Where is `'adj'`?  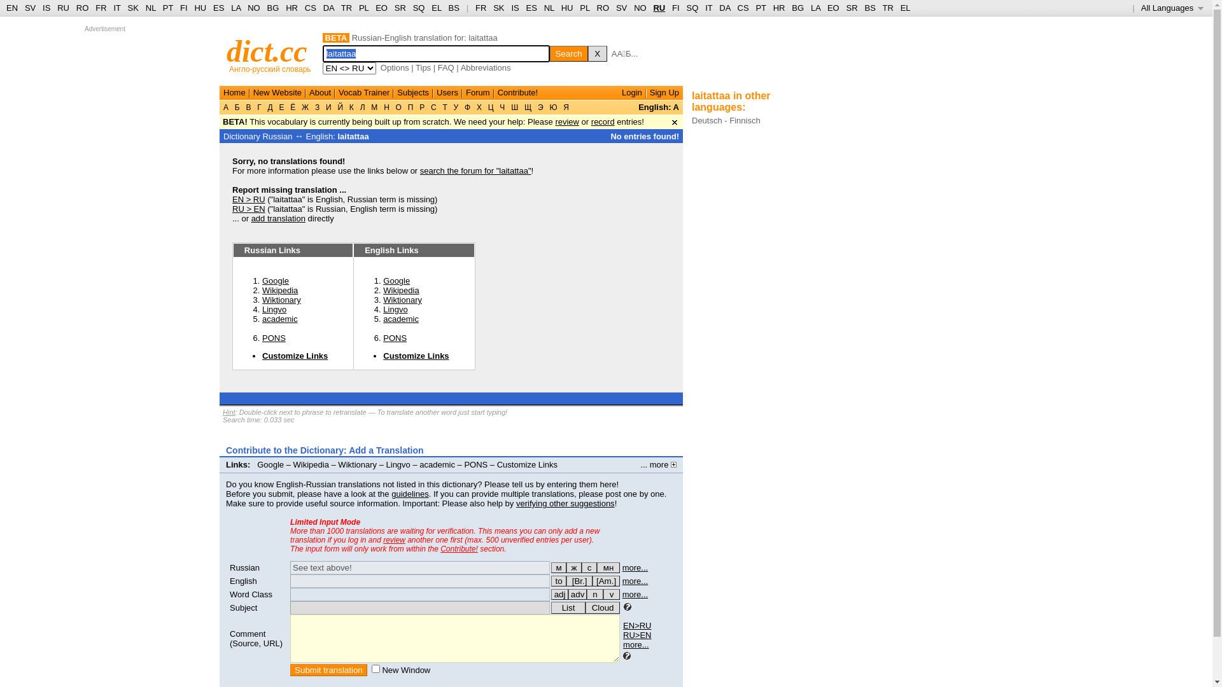
'adj' is located at coordinates (559, 594).